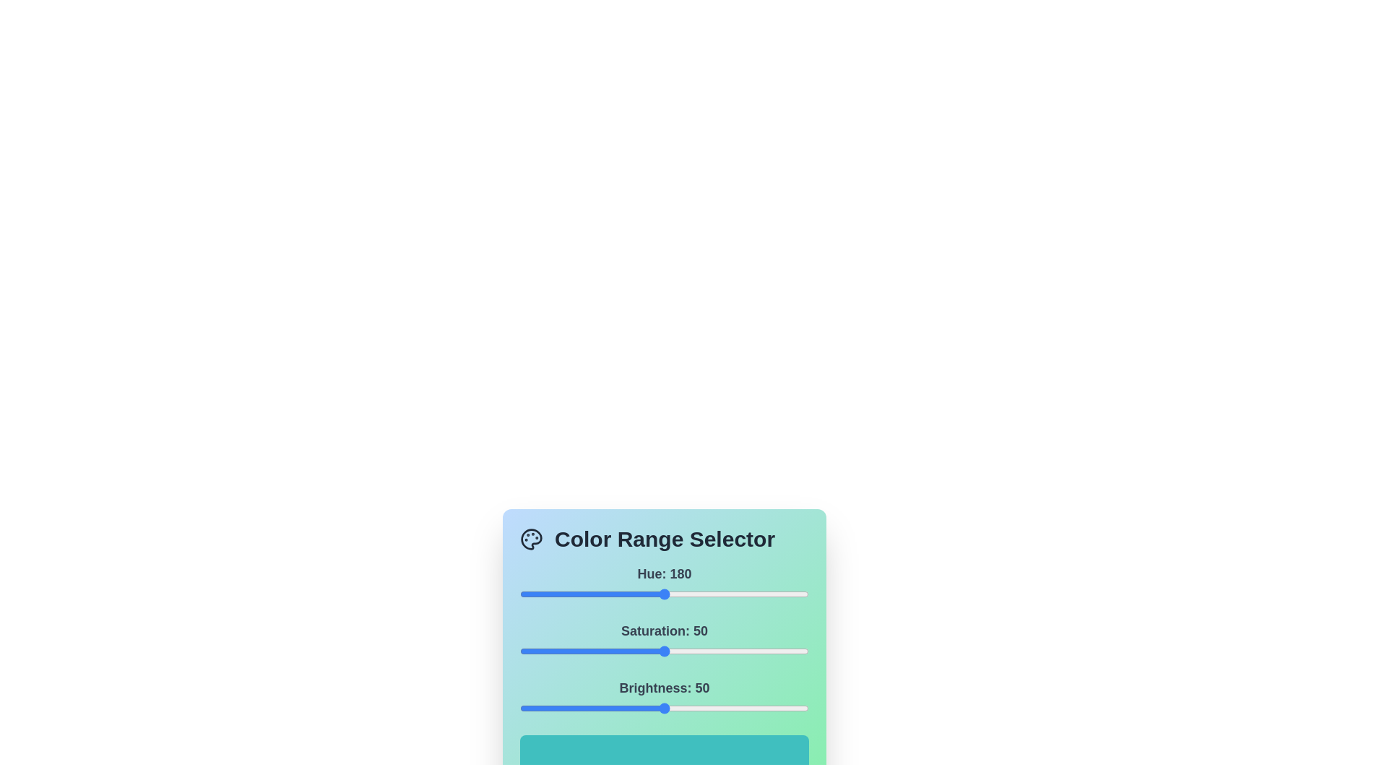 Image resolution: width=1387 pixels, height=780 pixels. Describe the element at coordinates (699, 651) in the screenshot. I see `the 1 slider to 62` at that location.